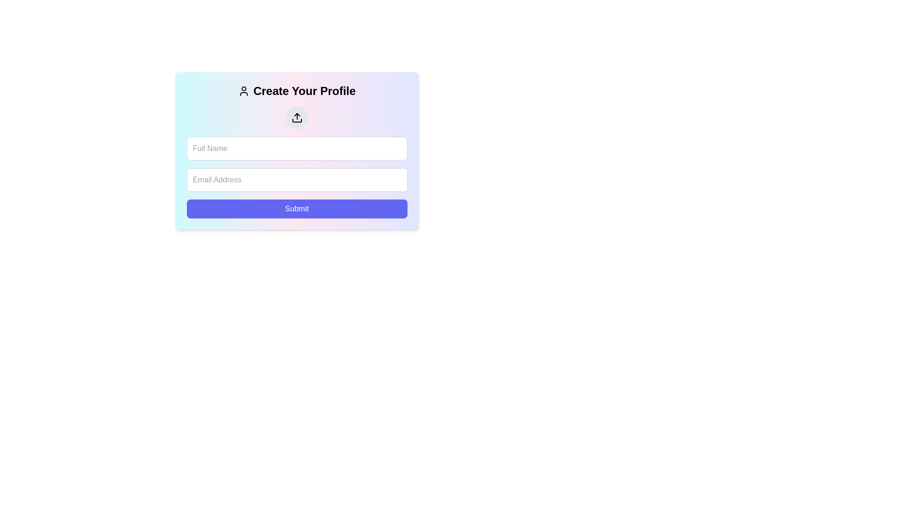  What do you see at coordinates (296, 91) in the screenshot?
I see `header text 'Create Your Profile' that is bold and extra-large, accompanied by a user silhouette icon, as a guide to the form below` at bounding box center [296, 91].